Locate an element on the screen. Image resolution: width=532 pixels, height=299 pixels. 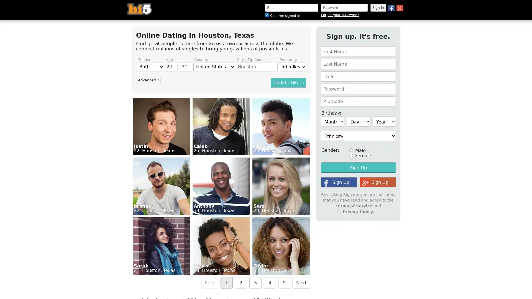
Sign Up is located at coordinates (377, 182).